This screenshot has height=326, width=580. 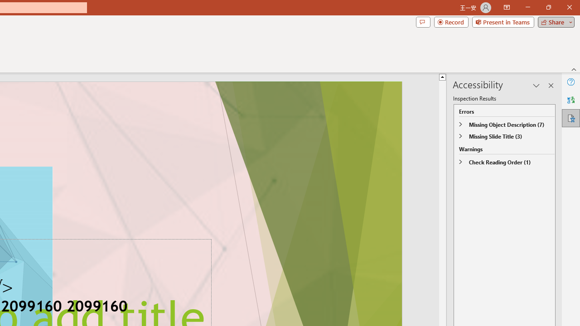 I want to click on 'Close pane', so click(x=551, y=86).